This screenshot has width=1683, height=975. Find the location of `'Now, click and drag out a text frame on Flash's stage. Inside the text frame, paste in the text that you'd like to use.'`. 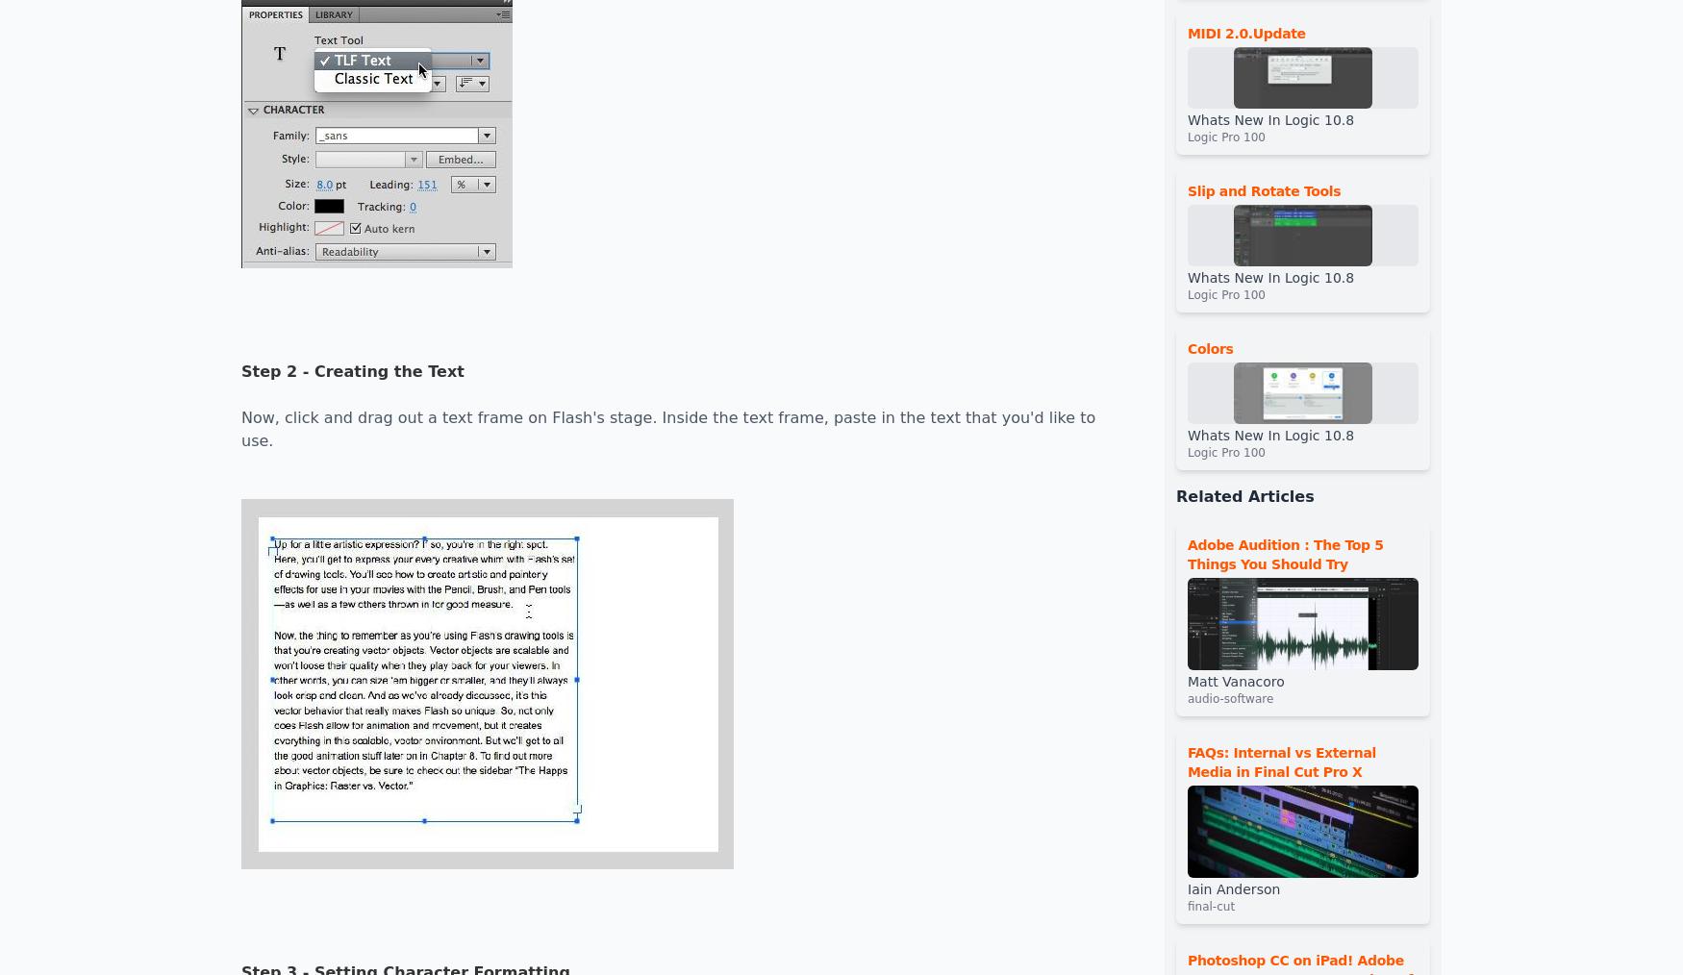

'Now, click and drag out a text frame on Flash's stage. Inside the text frame, paste in the text that you'd like to use.' is located at coordinates (667, 429).